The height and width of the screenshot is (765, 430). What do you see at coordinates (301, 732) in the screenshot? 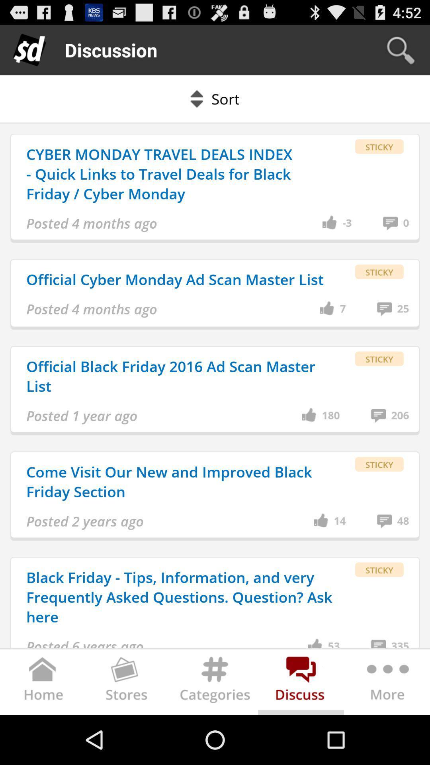
I see `the chat icon` at bounding box center [301, 732].